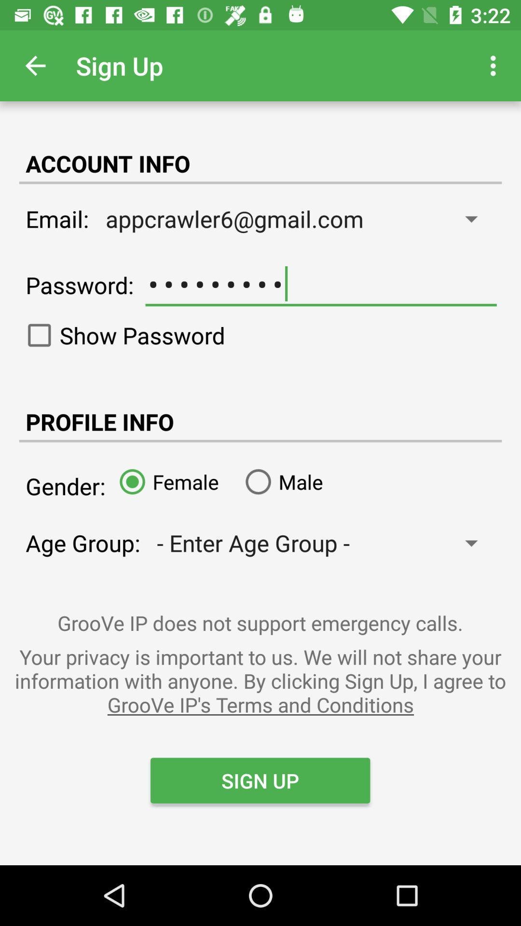  Describe the element at coordinates (35, 65) in the screenshot. I see `item above account info` at that location.